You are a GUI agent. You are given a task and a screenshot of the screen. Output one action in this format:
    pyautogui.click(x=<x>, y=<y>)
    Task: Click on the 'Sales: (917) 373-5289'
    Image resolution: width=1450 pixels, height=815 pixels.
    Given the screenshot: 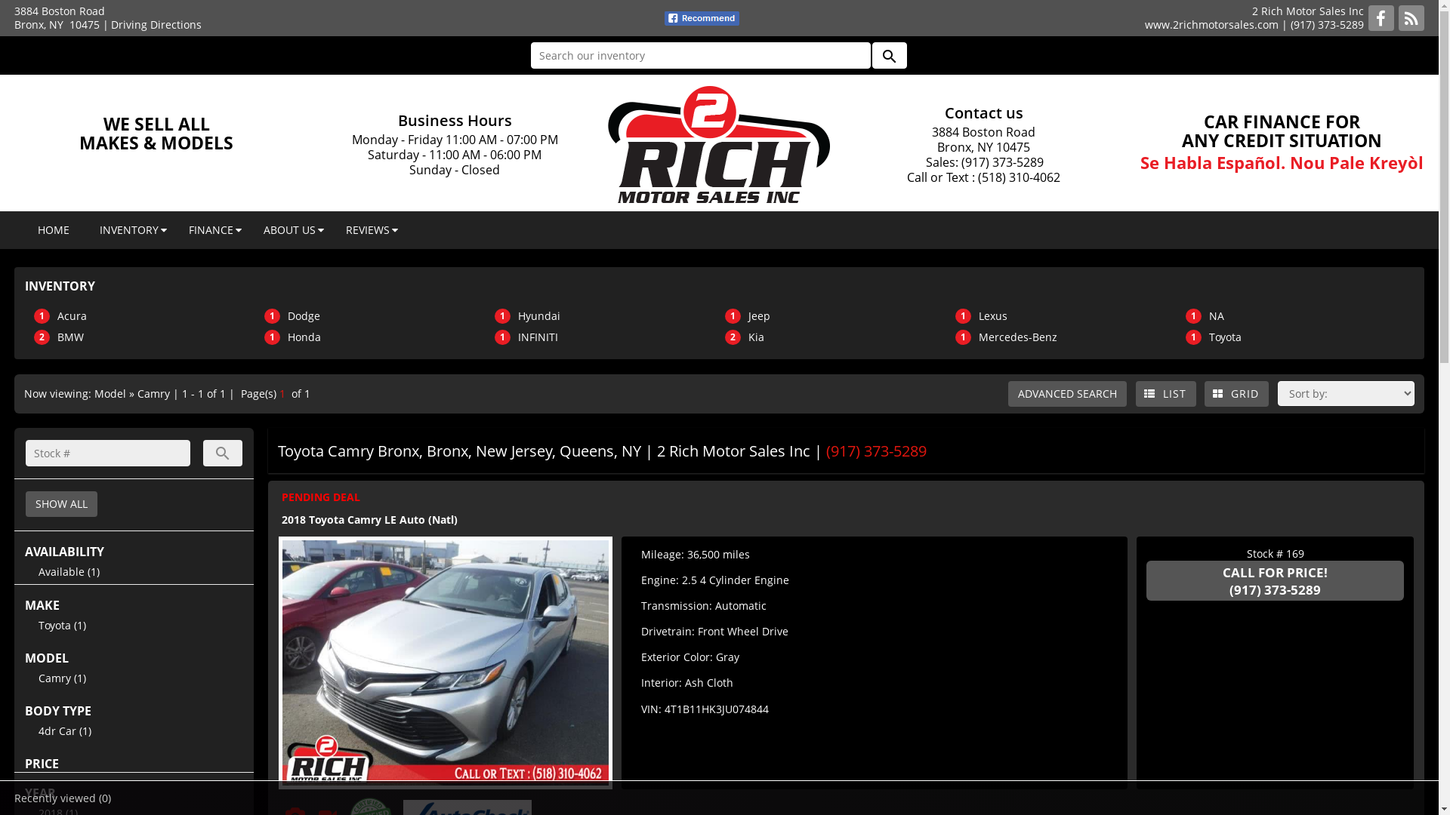 What is the action you would take?
    pyautogui.click(x=983, y=162)
    